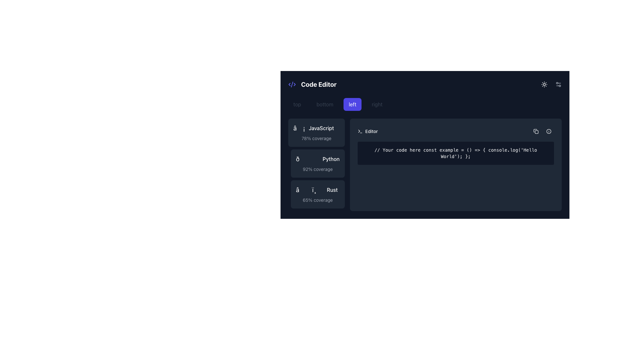  Describe the element at coordinates (371, 131) in the screenshot. I see `the text label displaying the word 'Editor', which is styled with a medium font weight and small font size, positioned to the right of a terminal icon in a horizontal layout` at that location.